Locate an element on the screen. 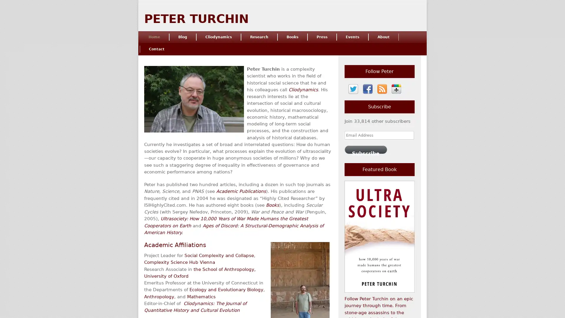 The height and width of the screenshot is (318, 565). Subscribe is located at coordinates (365, 149).